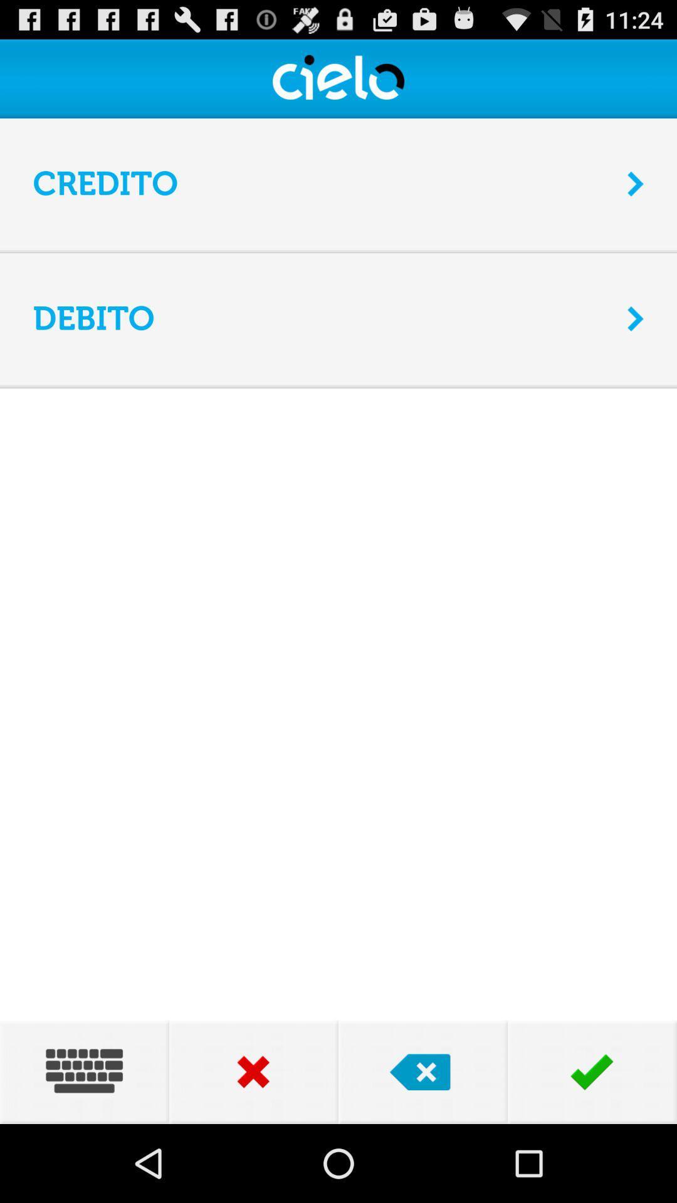 The width and height of the screenshot is (677, 1203). Describe the element at coordinates (338, 385) in the screenshot. I see `the app below debito icon` at that location.